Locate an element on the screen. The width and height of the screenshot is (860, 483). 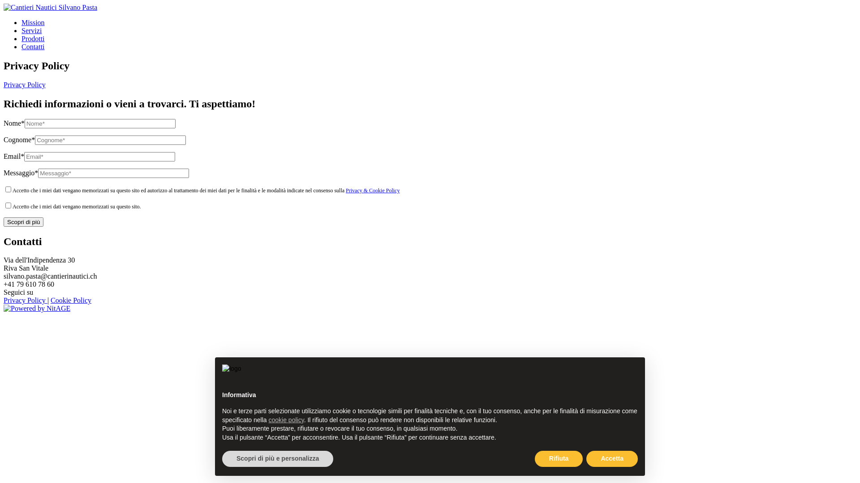
'Servizi' is located at coordinates (21, 30).